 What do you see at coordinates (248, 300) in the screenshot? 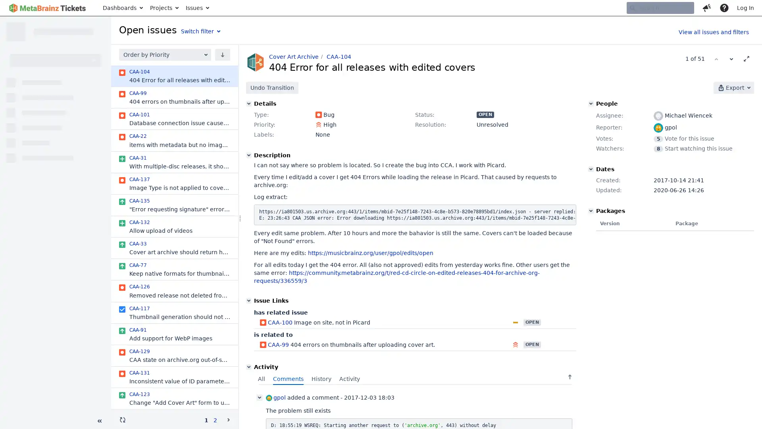
I see `Issue Links` at bounding box center [248, 300].